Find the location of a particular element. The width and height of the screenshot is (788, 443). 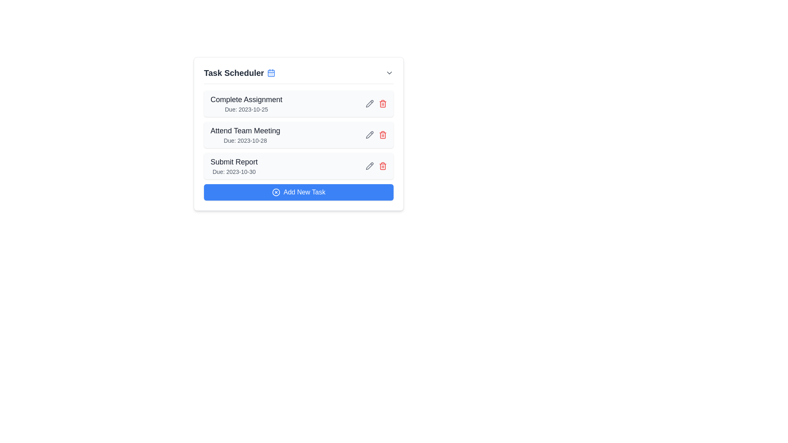

text label that says 'Attend Team Meeting', which is prominently displayed in bold and larger font above the due date in the task scheduler interface is located at coordinates (245, 130).